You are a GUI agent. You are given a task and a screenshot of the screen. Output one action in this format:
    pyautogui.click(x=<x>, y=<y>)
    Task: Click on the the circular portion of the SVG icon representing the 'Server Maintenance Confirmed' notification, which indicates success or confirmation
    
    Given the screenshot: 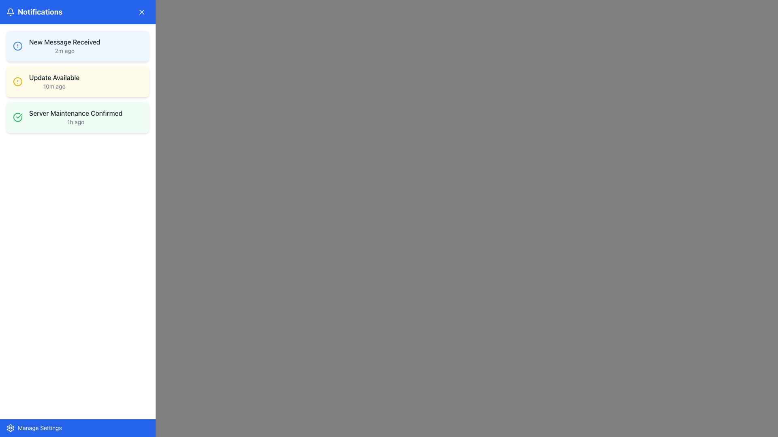 What is the action you would take?
    pyautogui.click(x=17, y=117)
    